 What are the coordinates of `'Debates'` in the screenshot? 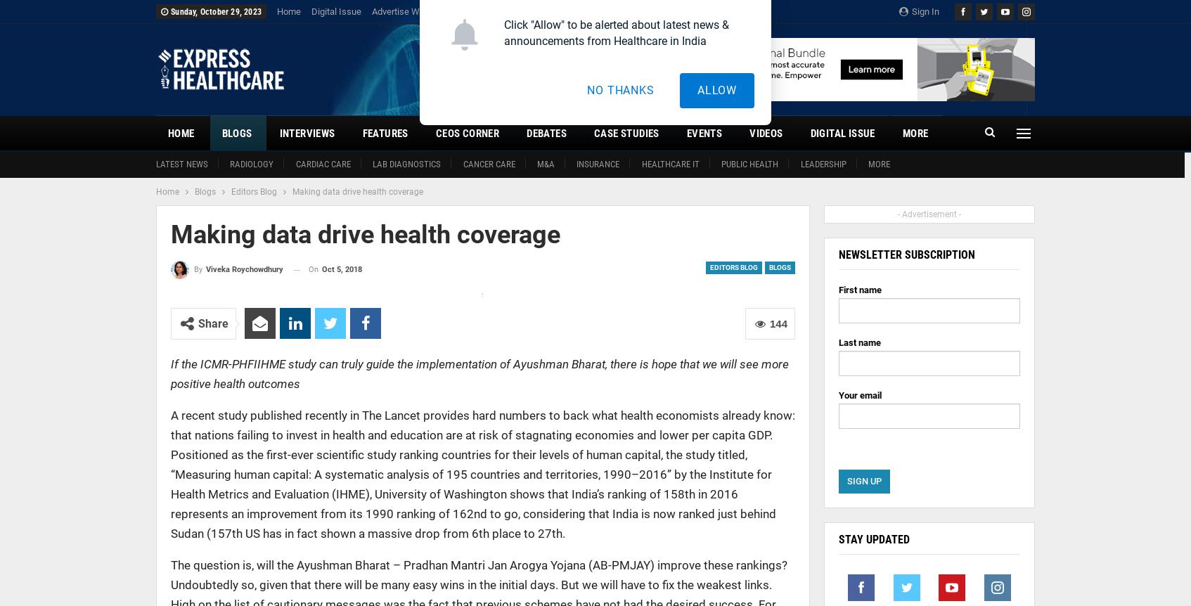 It's located at (546, 133).